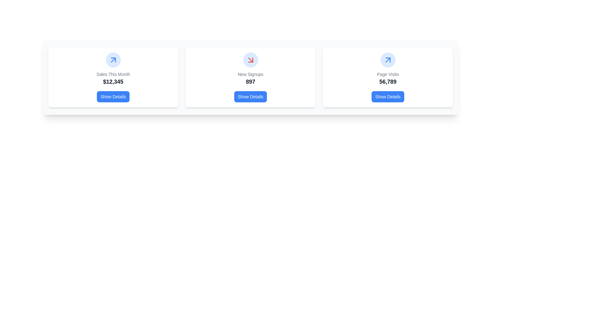 Image resolution: width=598 pixels, height=336 pixels. I want to click on the 'Show Details' button with a blue background and white text, so click(113, 97).